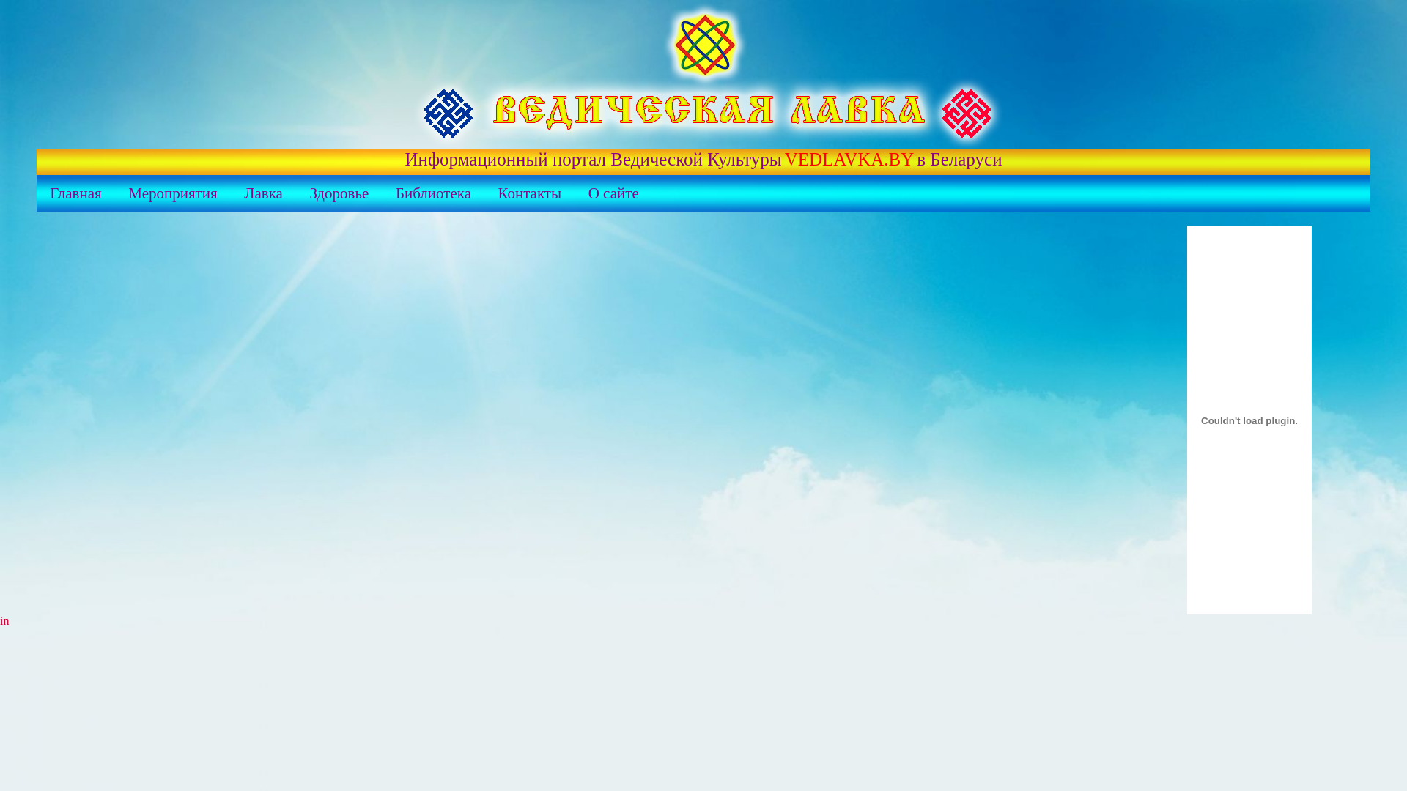  I want to click on 'in', so click(0, 620).